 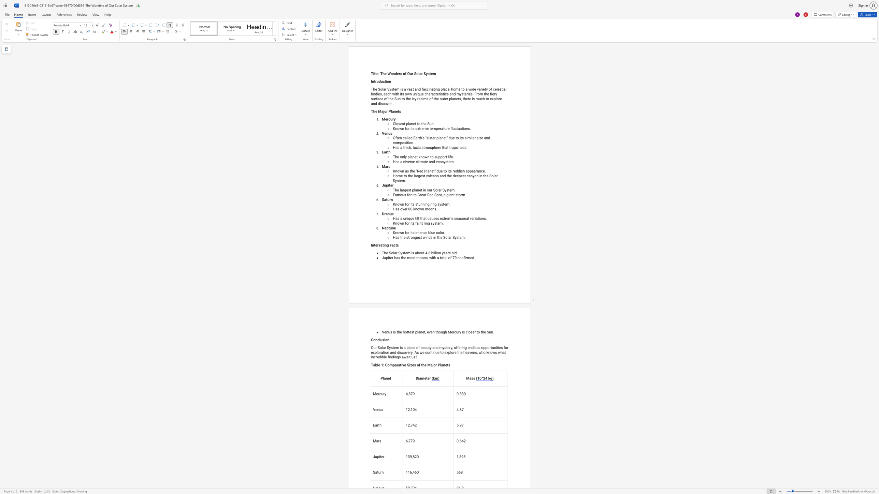 I want to click on the space between the continuous character "e" and ":" in the text, so click(x=378, y=73).